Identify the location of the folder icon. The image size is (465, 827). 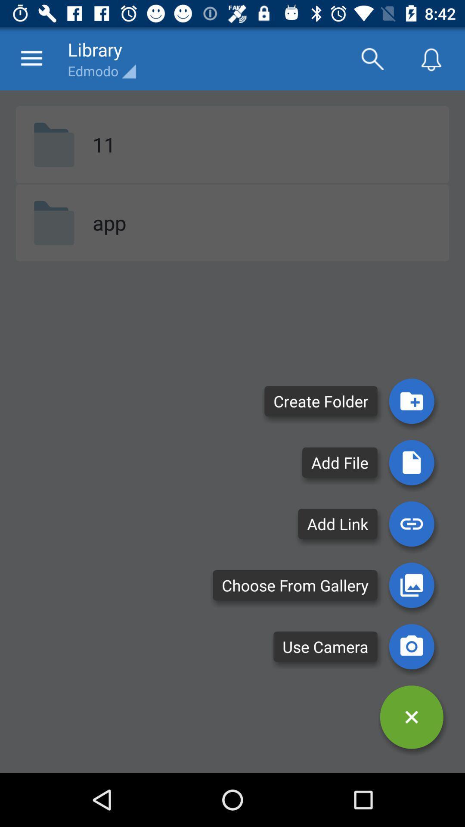
(411, 401).